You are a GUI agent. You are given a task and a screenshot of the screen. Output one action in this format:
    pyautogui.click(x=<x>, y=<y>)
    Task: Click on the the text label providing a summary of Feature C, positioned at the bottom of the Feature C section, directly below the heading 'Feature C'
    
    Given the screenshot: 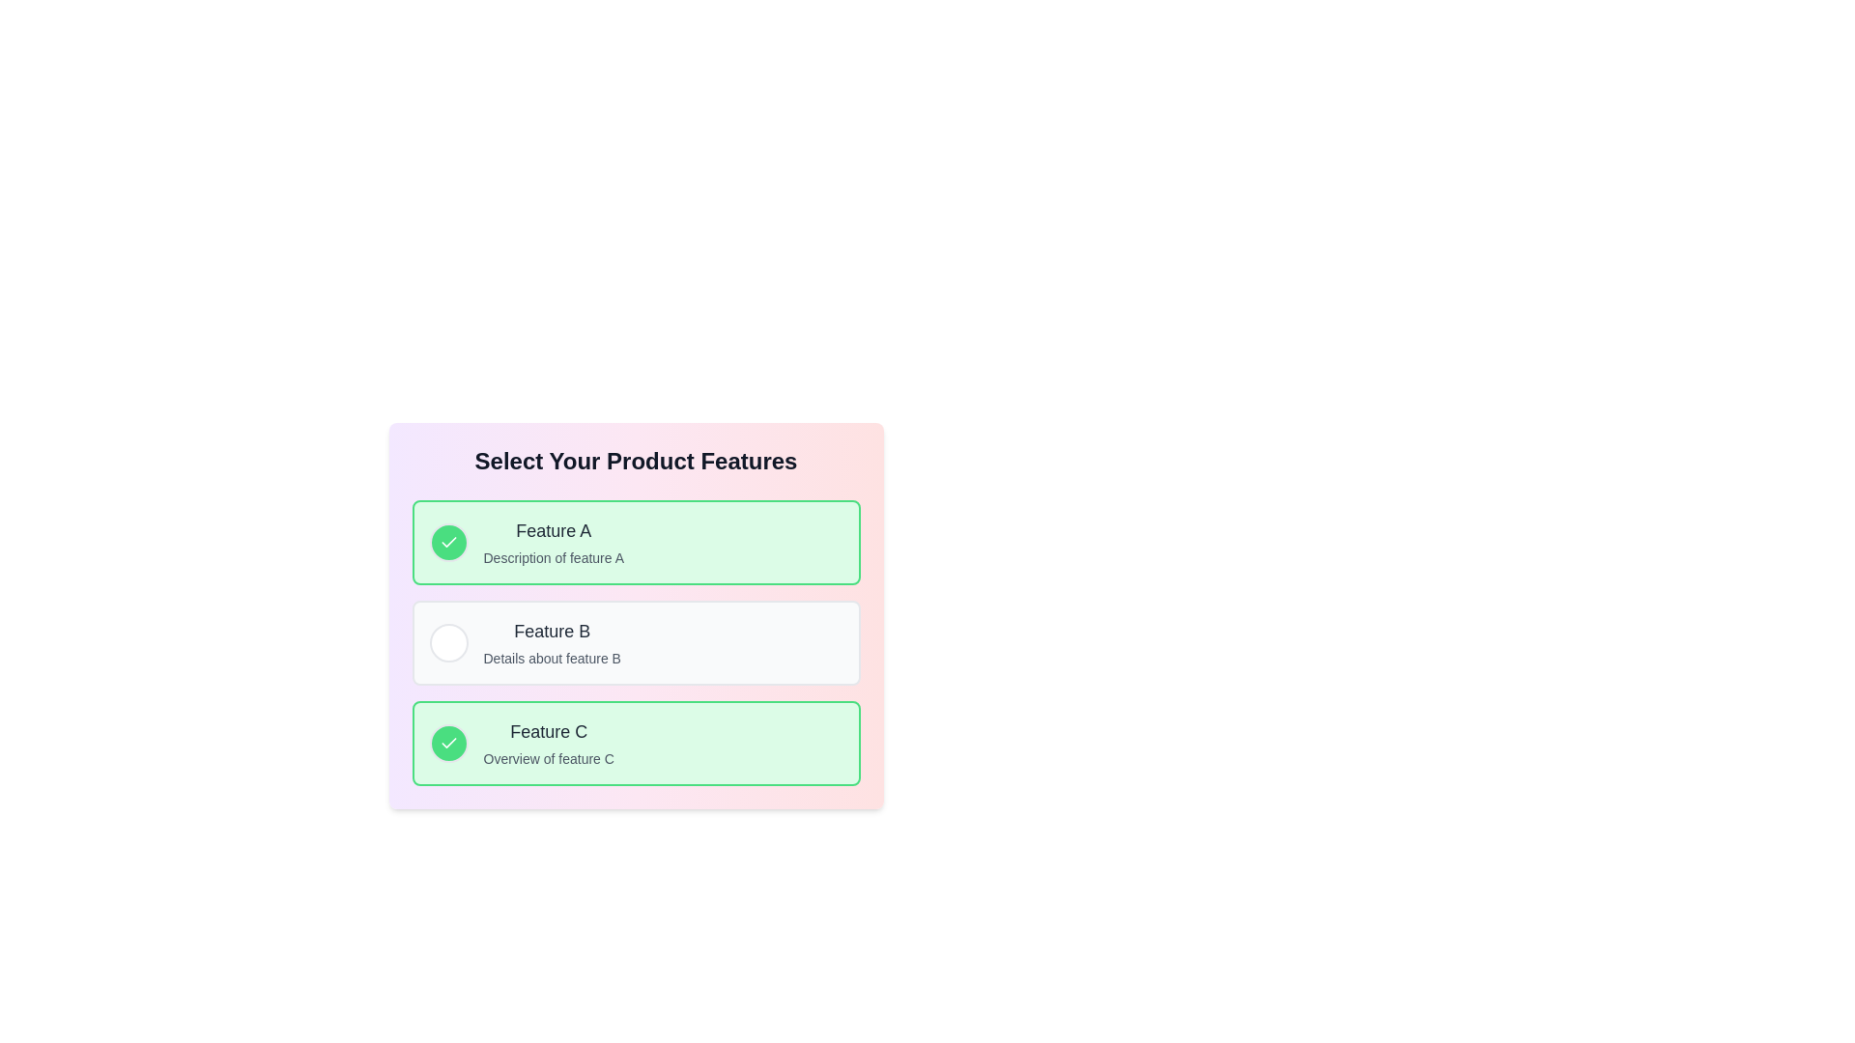 What is the action you would take?
    pyautogui.click(x=548, y=758)
    